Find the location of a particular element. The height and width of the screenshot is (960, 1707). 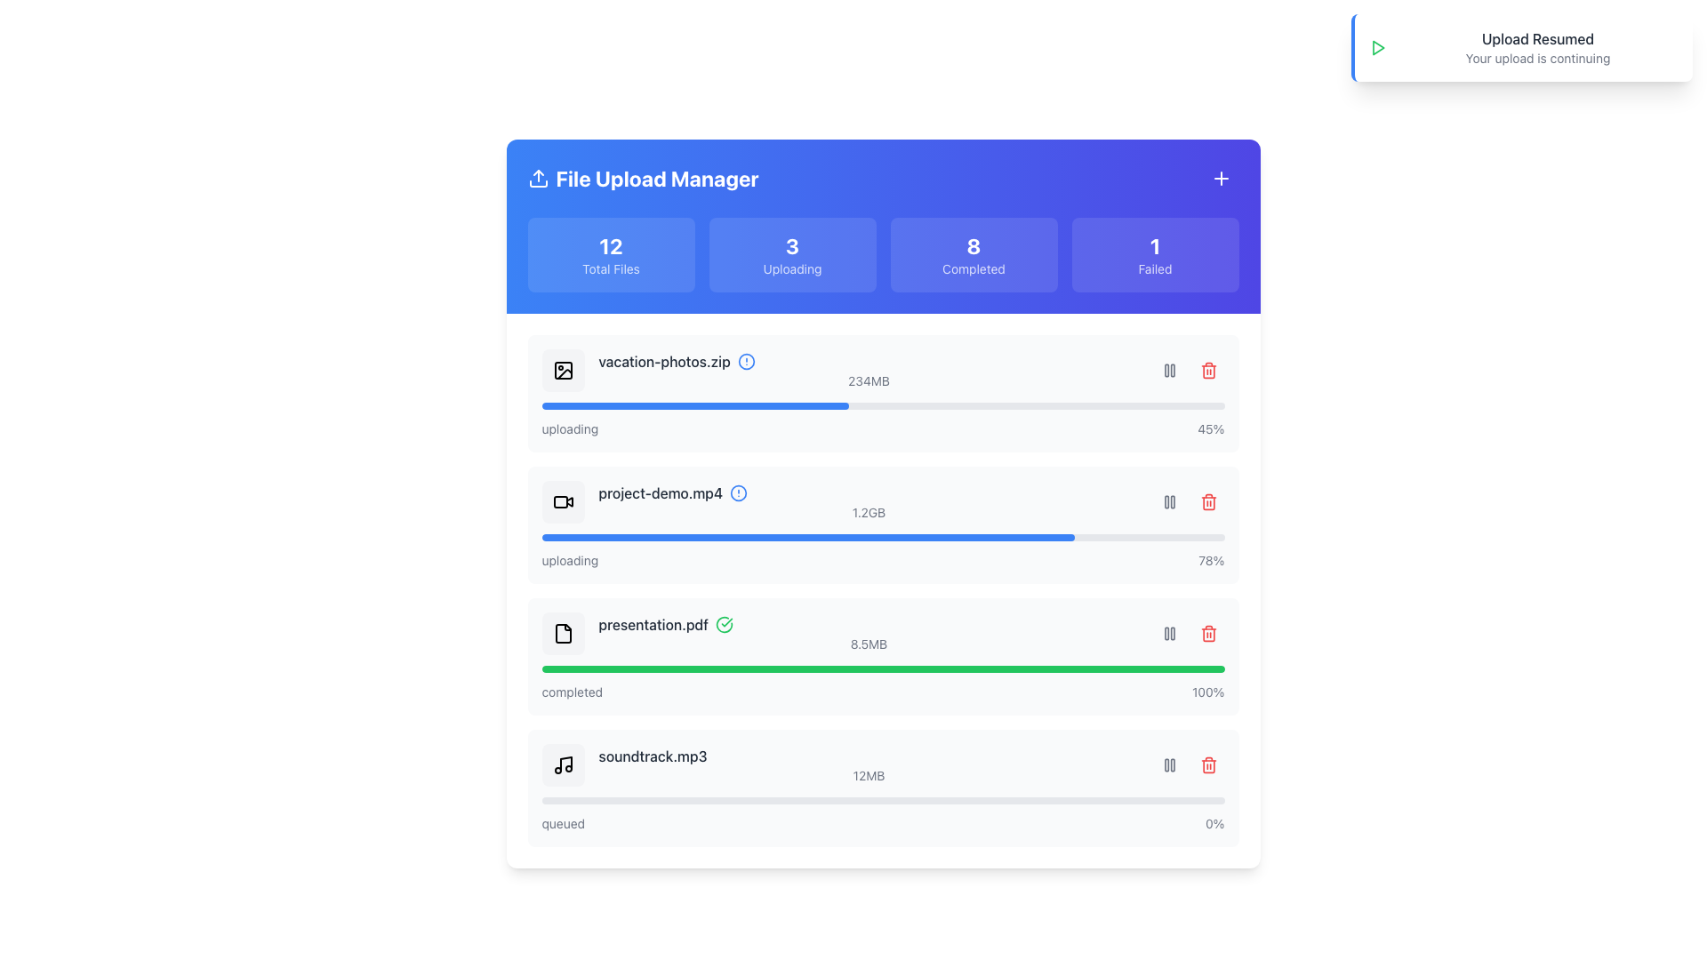

the horizontal progress bar with a gray background and blue filled section, corresponding to the file 'soundtrack.mp3', located at the bottom of the list is located at coordinates (883, 801).